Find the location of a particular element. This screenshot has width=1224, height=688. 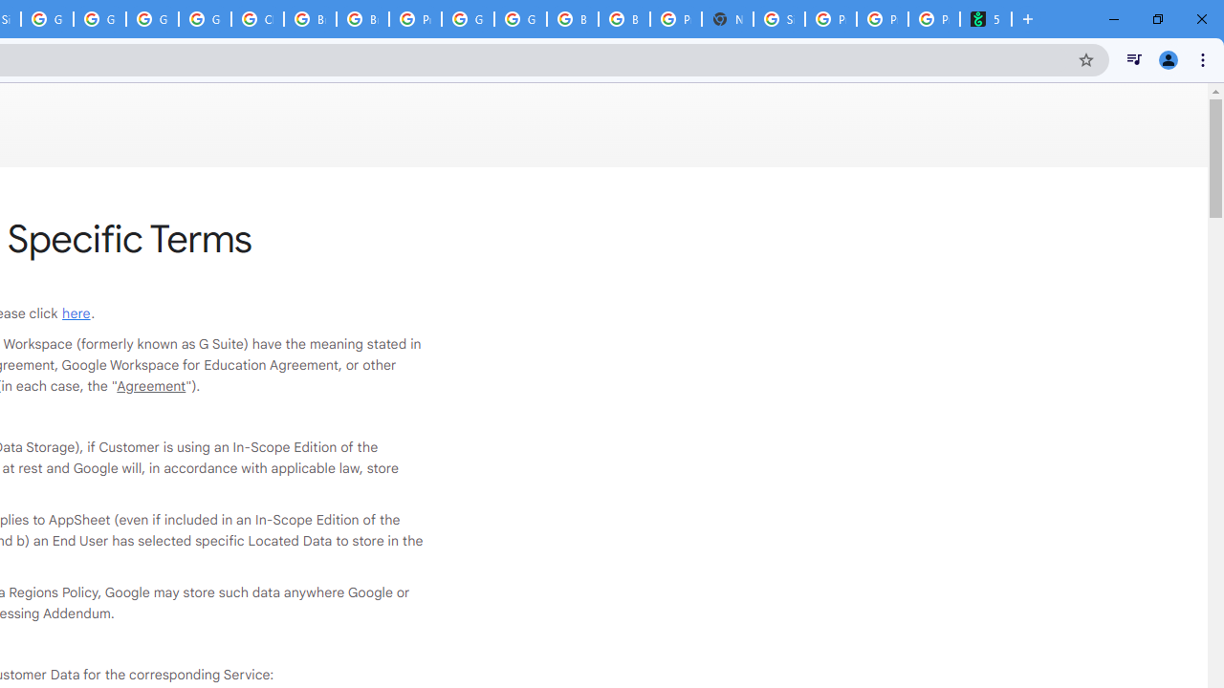

'Google Cloud Platform' is located at coordinates (520, 19).